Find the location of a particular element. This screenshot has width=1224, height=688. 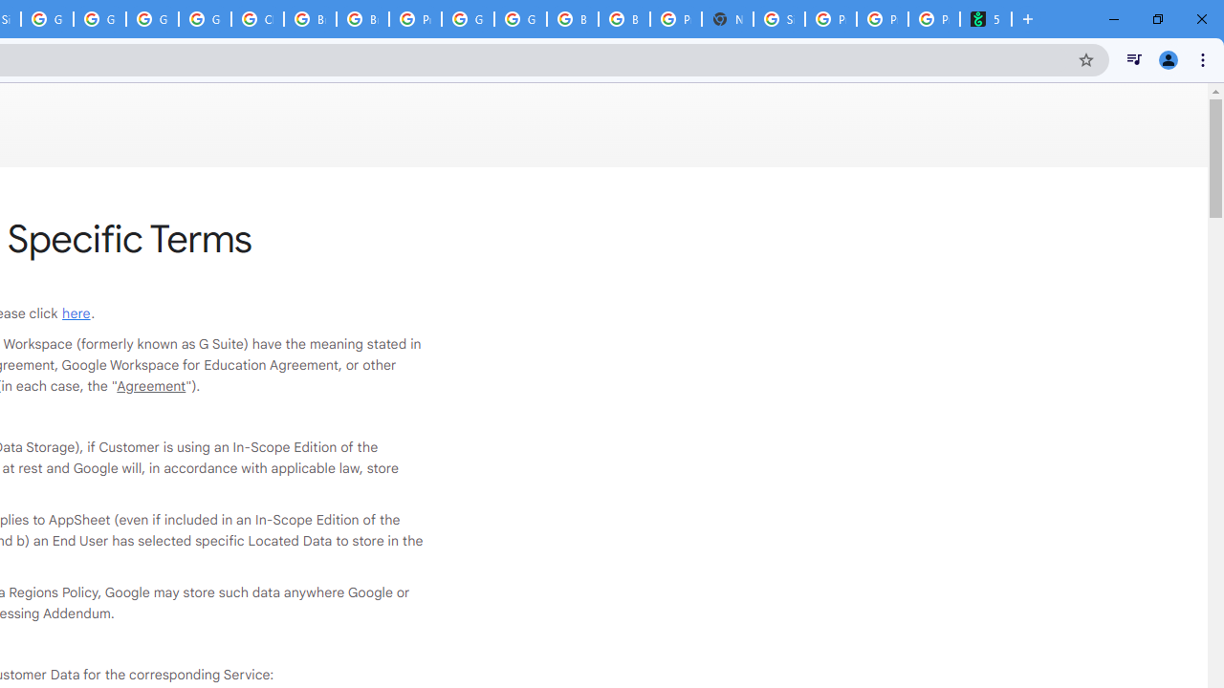

'Google Cloud Platform' is located at coordinates (520, 19).